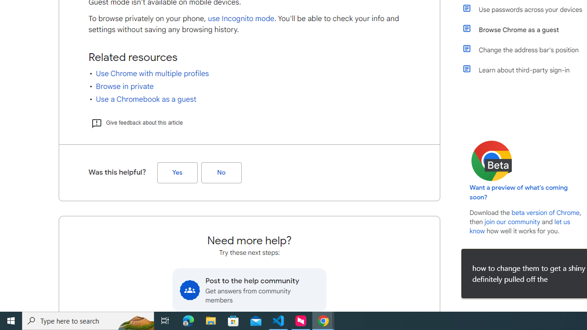 Image resolution: width=587 pixels, height=330 pixels. Describe the element at coordinates (124, 87) in the screenshot. I see `'Browse in private'` at that location.